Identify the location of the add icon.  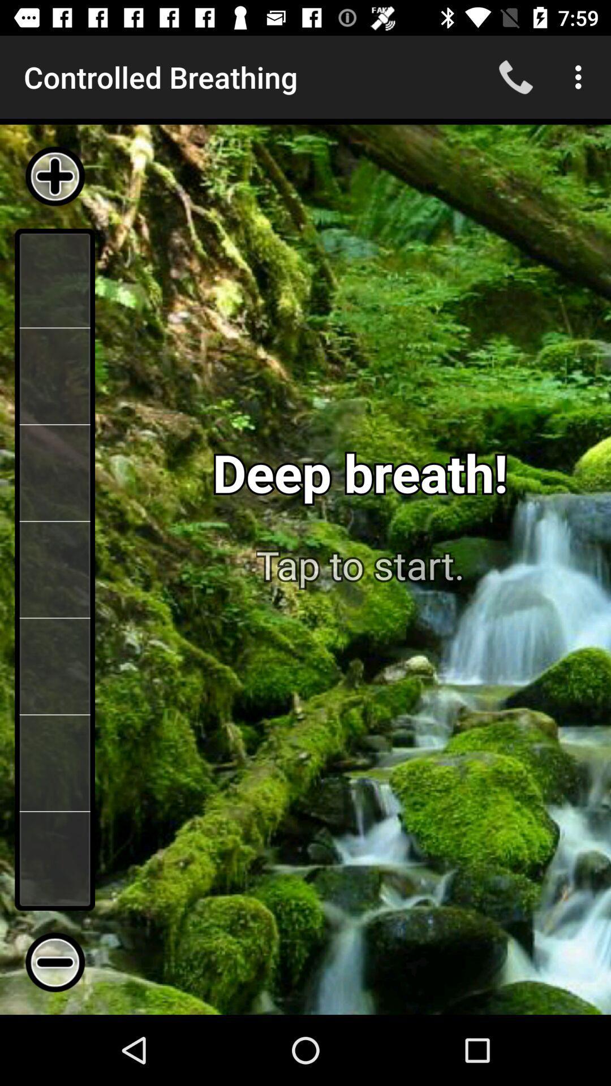
(55, 176).